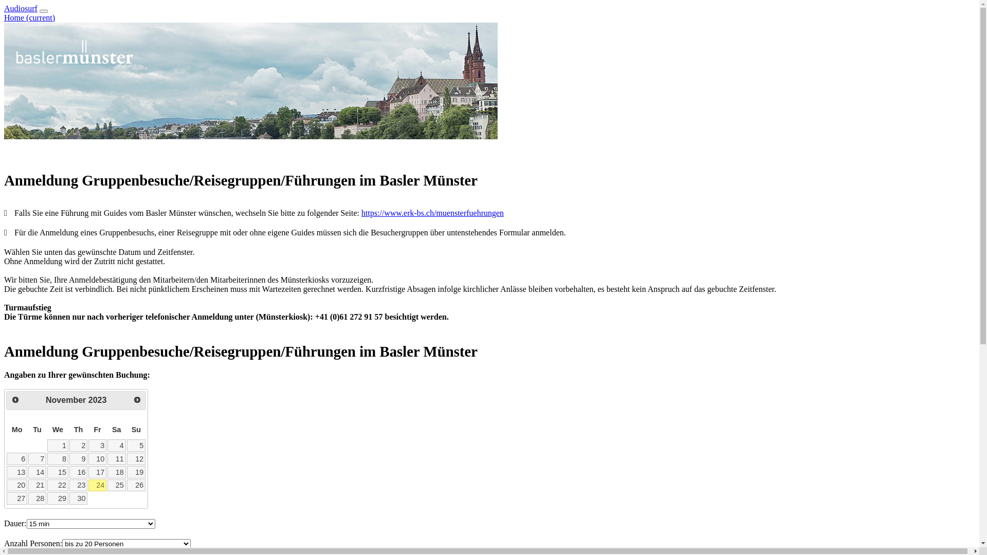  What do you see at coordinates (37, 472) in the screenshot?
I see `'14'` at bounding box center [37, 472].